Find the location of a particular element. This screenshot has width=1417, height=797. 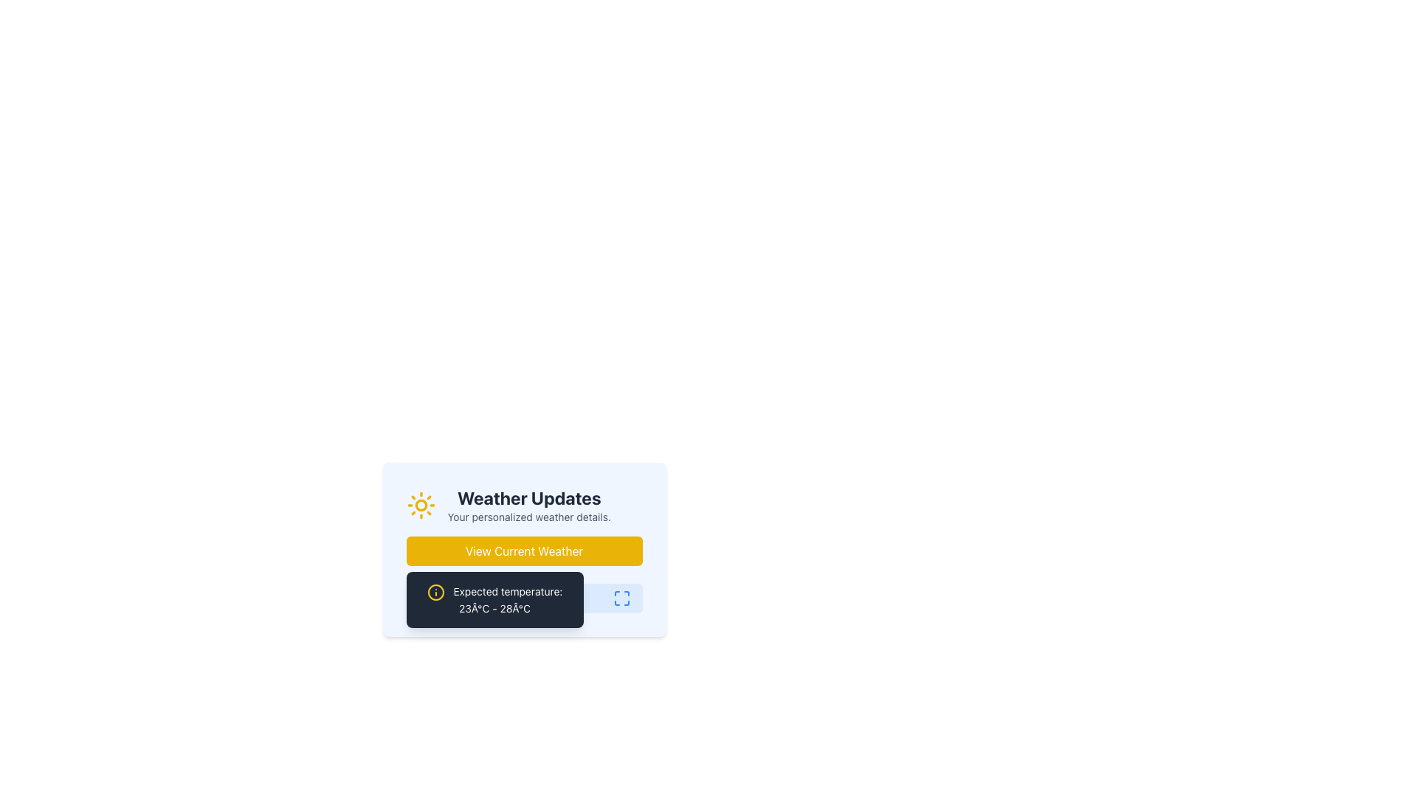

the non-interactive text label that provides additional information about 'Weather Updates', located immediately below the heading is located at coordinates (529, 517).